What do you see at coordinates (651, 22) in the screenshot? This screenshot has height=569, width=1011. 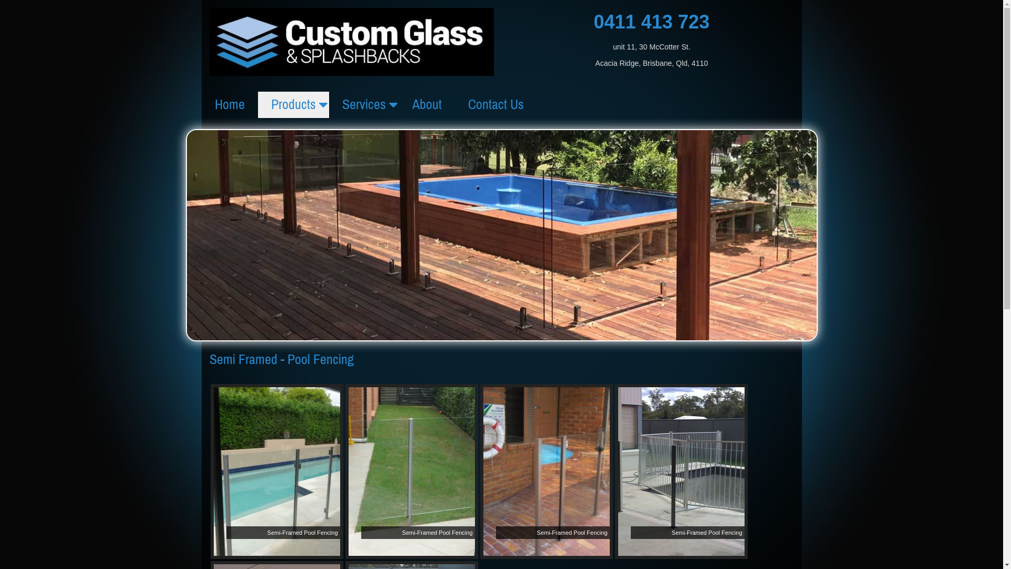 I see `'0411 413 723'` at bounding box center [651, 22].